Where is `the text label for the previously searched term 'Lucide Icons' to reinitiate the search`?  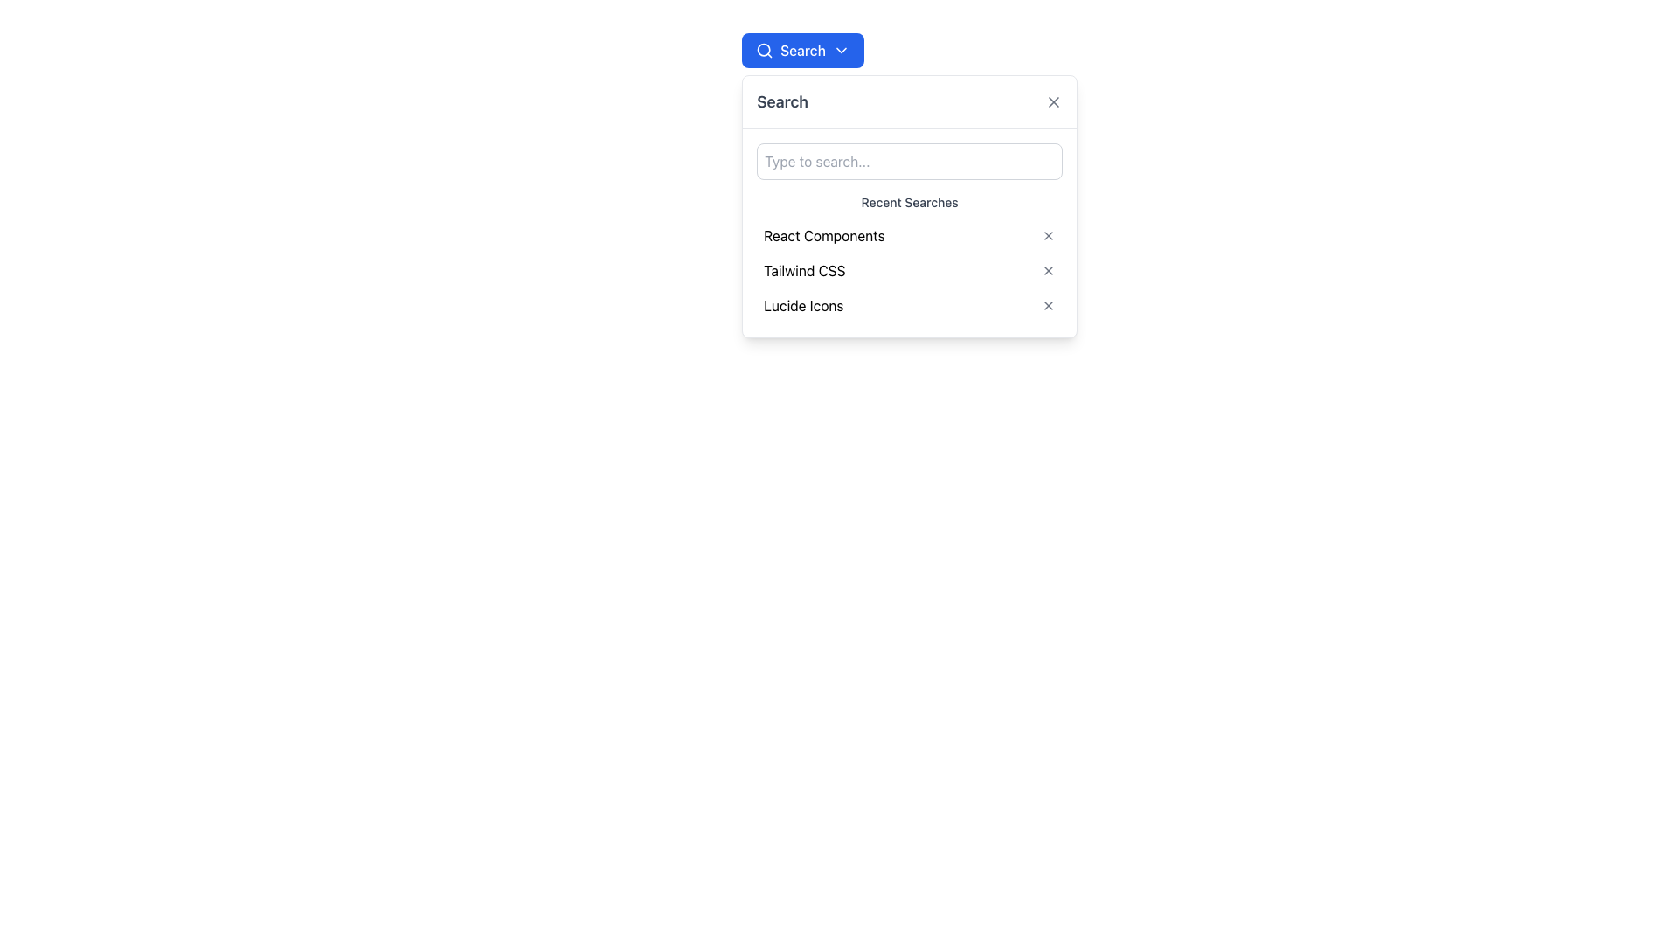 the text label for the previously searched term 'Lucide Icons' to reinitiate the search is located at coordinates (802, 305).